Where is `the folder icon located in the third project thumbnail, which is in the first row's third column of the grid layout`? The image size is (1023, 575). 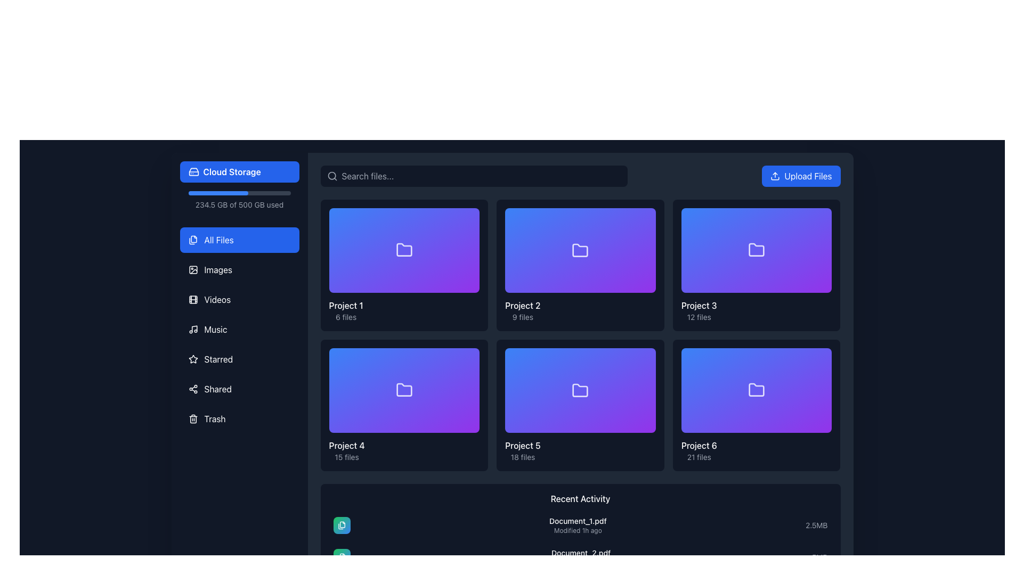
the folder icon located in the third project thumbnail, which is in the first row's third column of the grid layout is located at coordinates (756, 250).